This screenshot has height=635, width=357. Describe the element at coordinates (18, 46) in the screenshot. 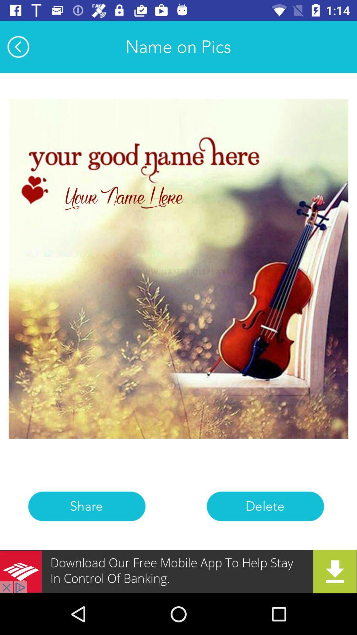

I see `the arrow_backward icon` at that location.